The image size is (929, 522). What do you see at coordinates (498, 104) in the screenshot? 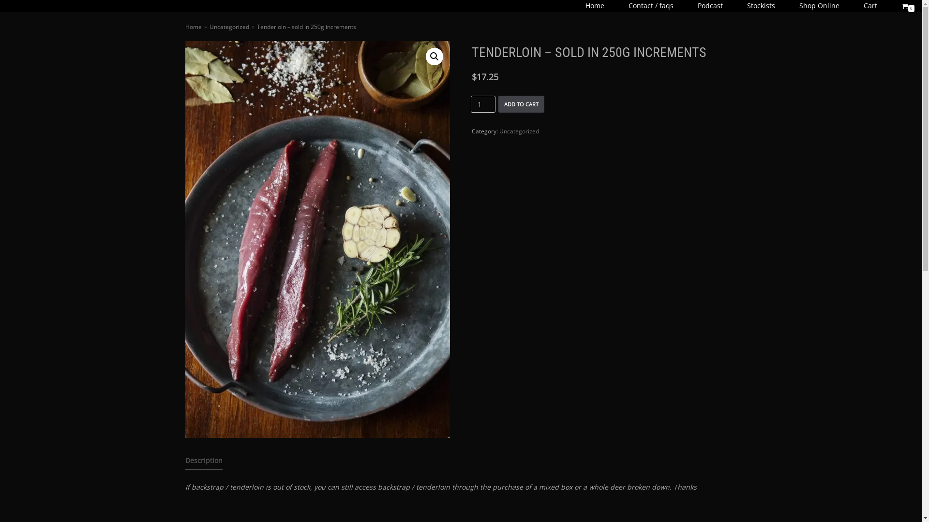
I see `'ADD TO CART'` at bounding box center [498, 104].